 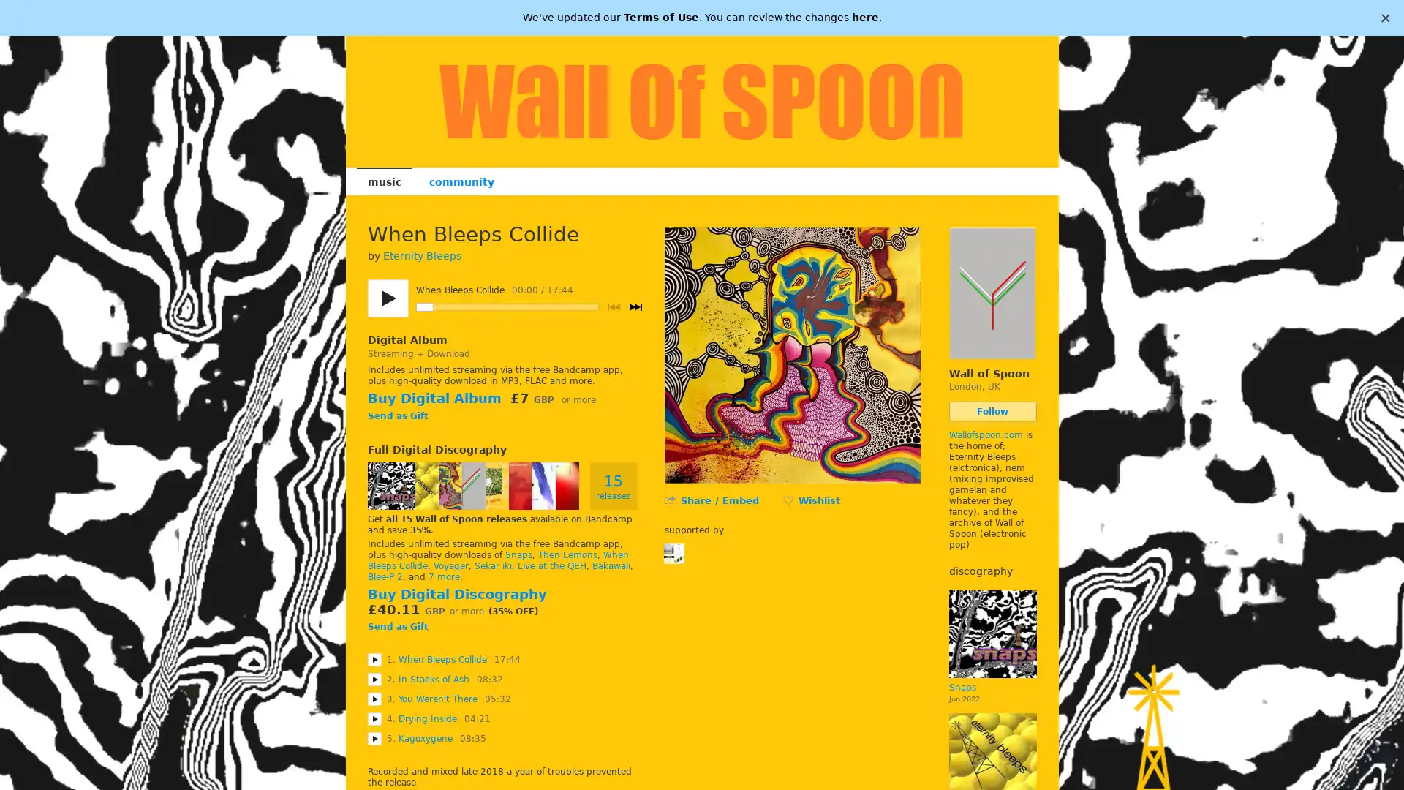 What do you see at coordinates (374, 659) in the screenshot?
I see `Play When Bleeps Collide` at bounding box center [374, 659].